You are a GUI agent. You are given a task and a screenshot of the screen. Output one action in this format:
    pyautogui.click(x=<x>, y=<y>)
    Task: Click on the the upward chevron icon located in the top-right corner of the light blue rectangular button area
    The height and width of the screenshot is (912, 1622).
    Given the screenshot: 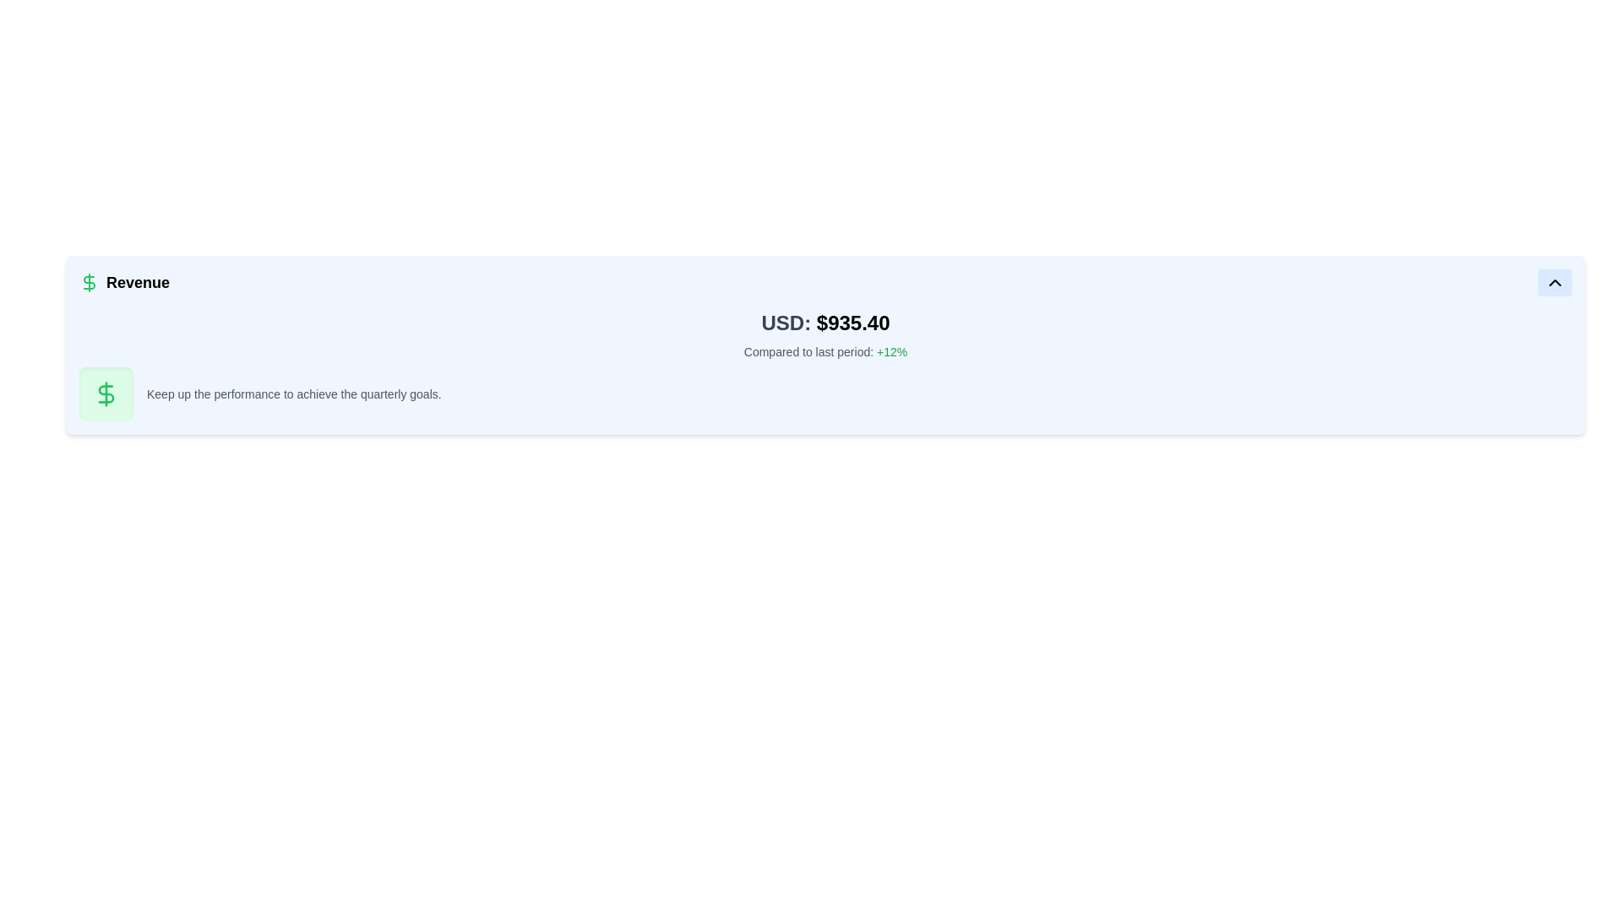 What is the action you would take?
    pyautogui.click(x=1554, y=282)
    